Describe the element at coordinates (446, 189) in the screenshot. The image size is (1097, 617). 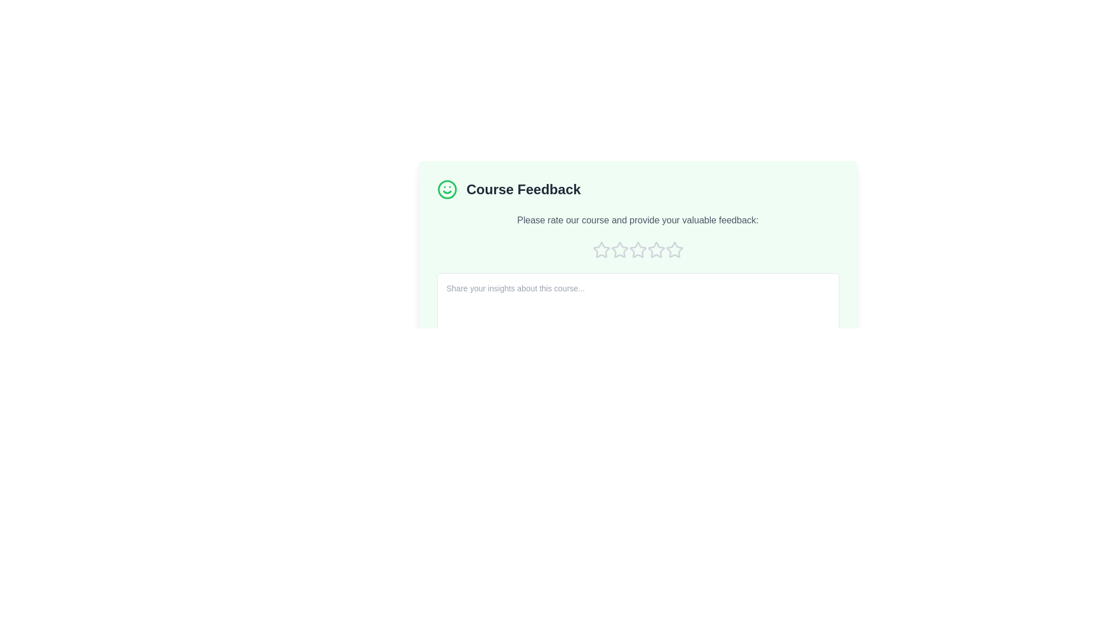
I see `the decorative circular part of the smiley face icon, which is located to the left of the 'Course Feedback' text at the top of the interface` at that location.